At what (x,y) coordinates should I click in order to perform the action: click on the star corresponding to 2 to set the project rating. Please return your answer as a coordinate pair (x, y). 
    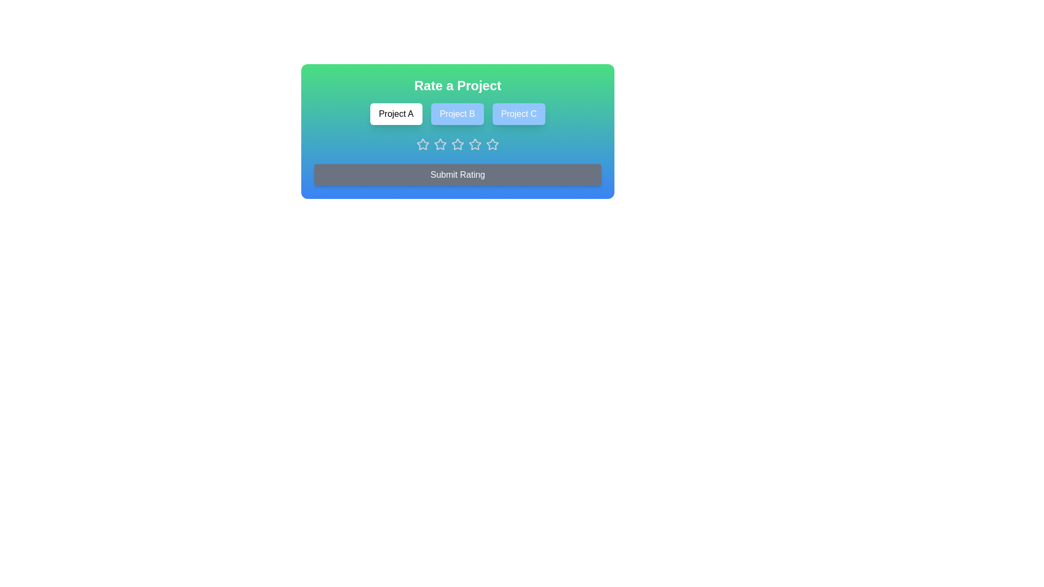
    Looking at the image, I should click on (440, 144).